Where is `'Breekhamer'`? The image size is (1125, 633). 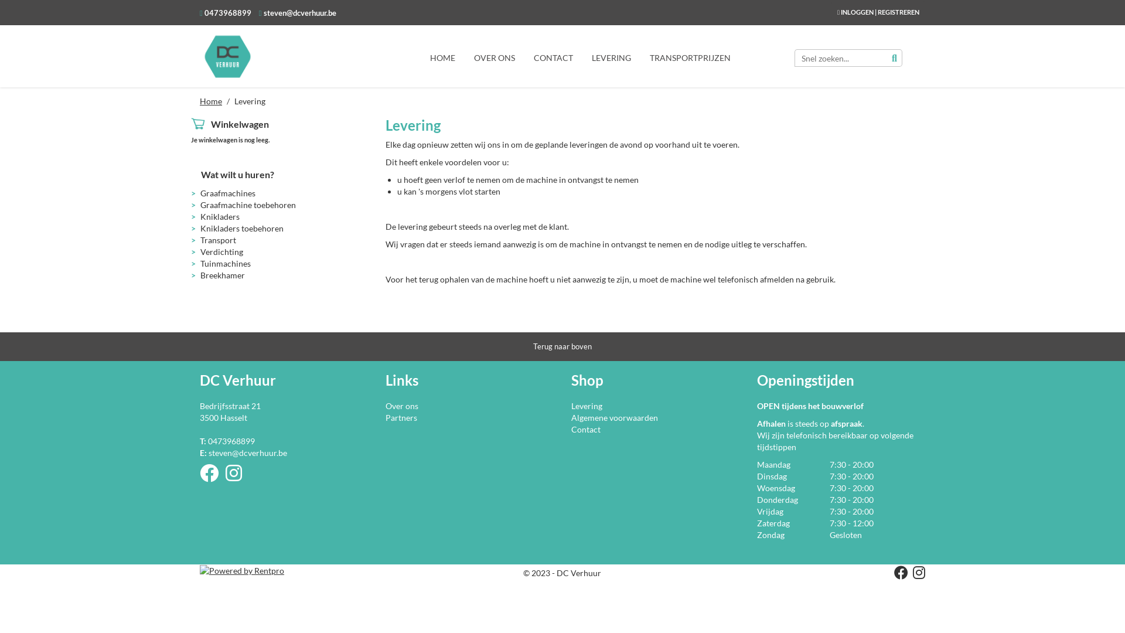
'Breekhamer' is located at coordinates (222, 275).